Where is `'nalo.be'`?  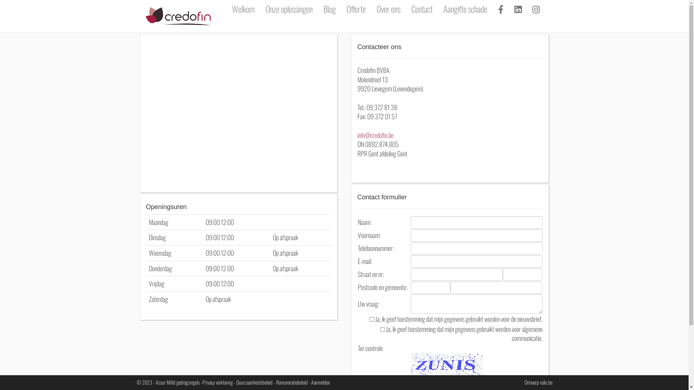
'nalo.be' is located at coordinates (546, 382).